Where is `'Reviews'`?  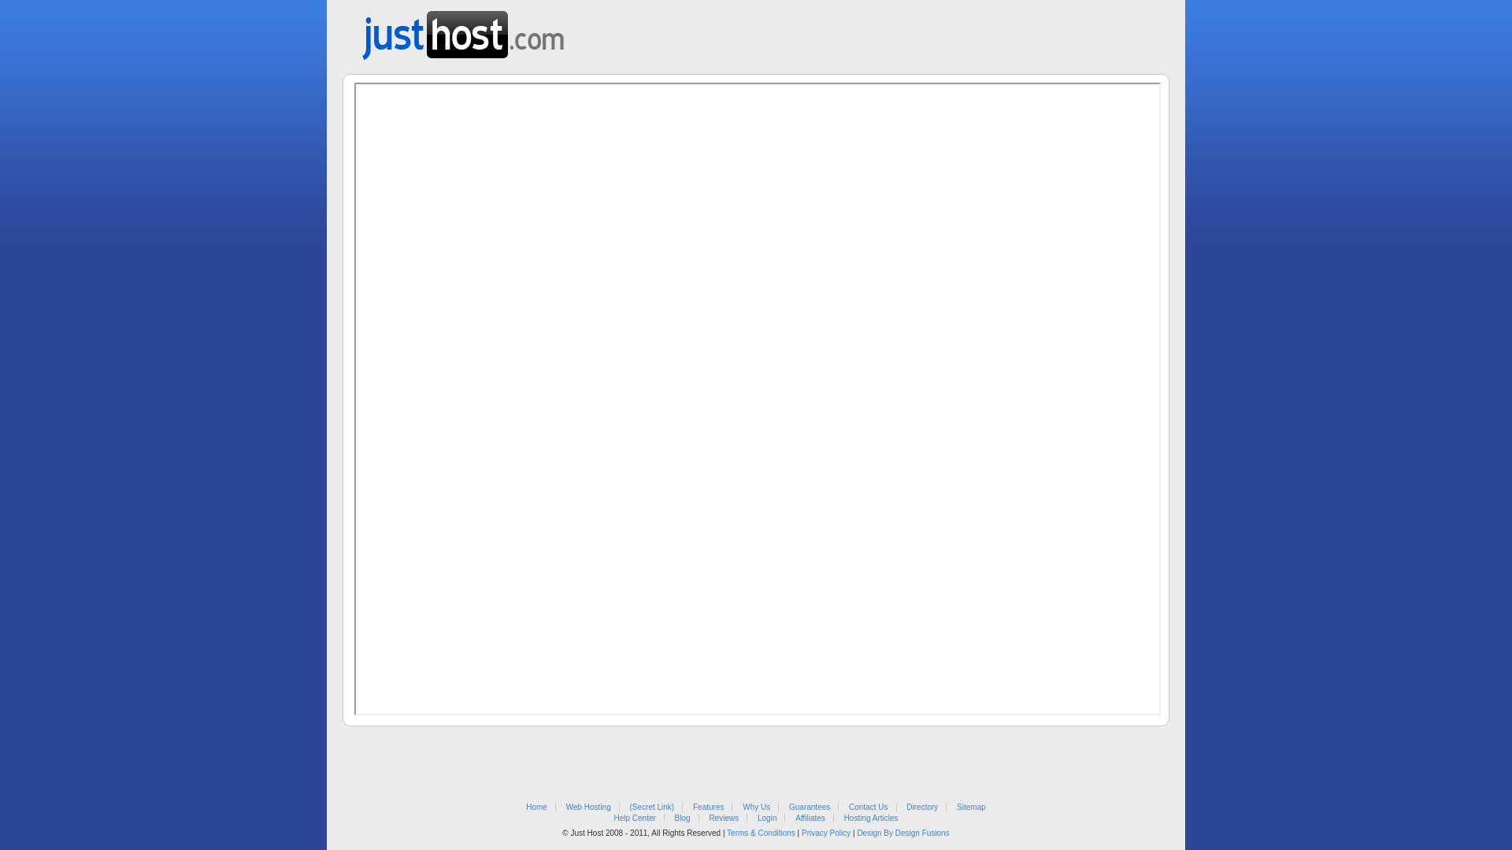
'Reviews' is located at coordinates (722, 817).